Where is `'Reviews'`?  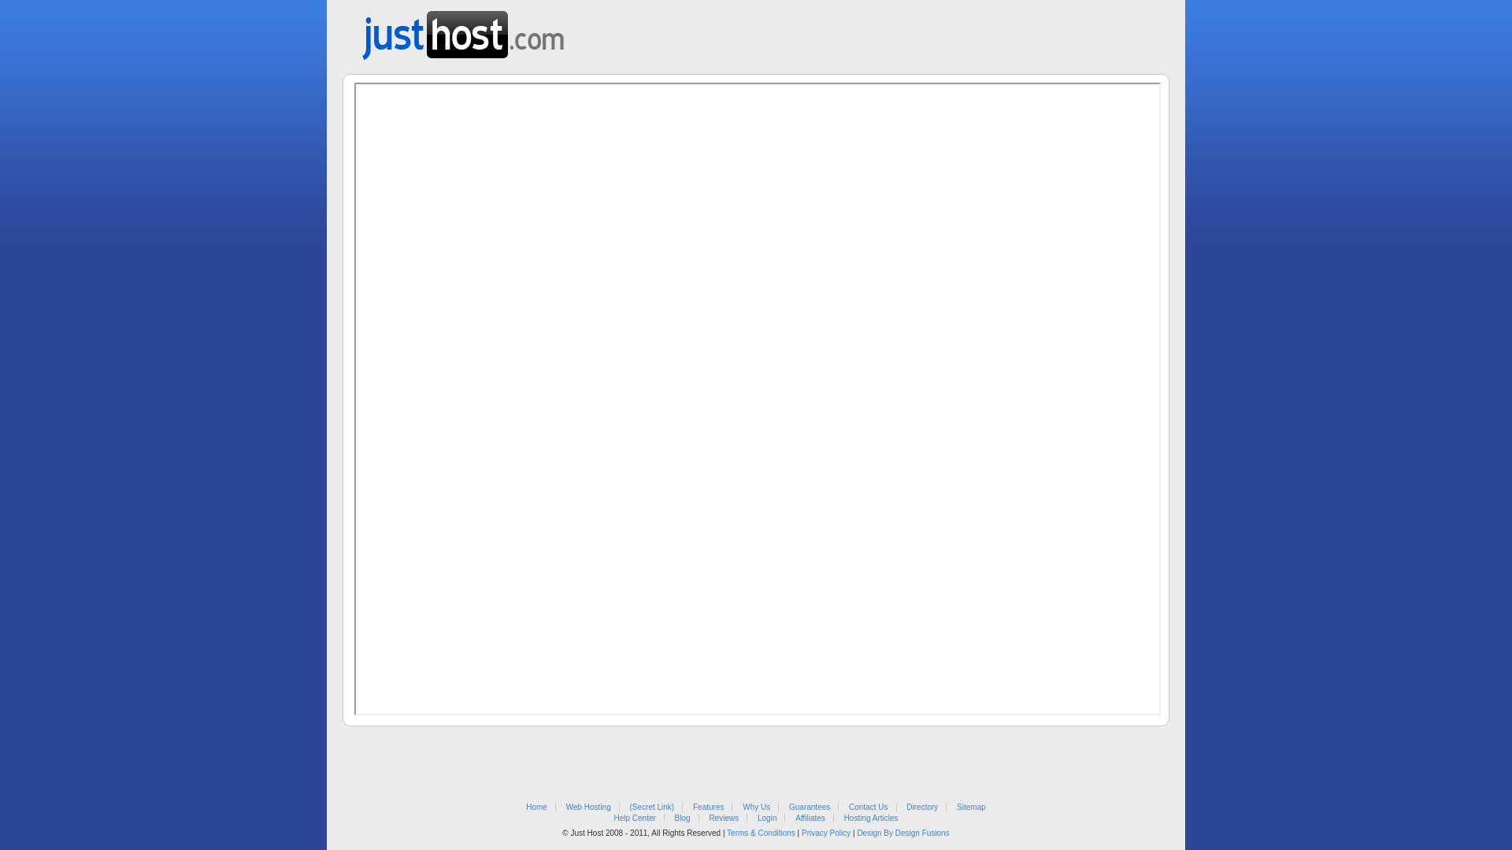
'Reviews' is located at coordinates (722, 817).